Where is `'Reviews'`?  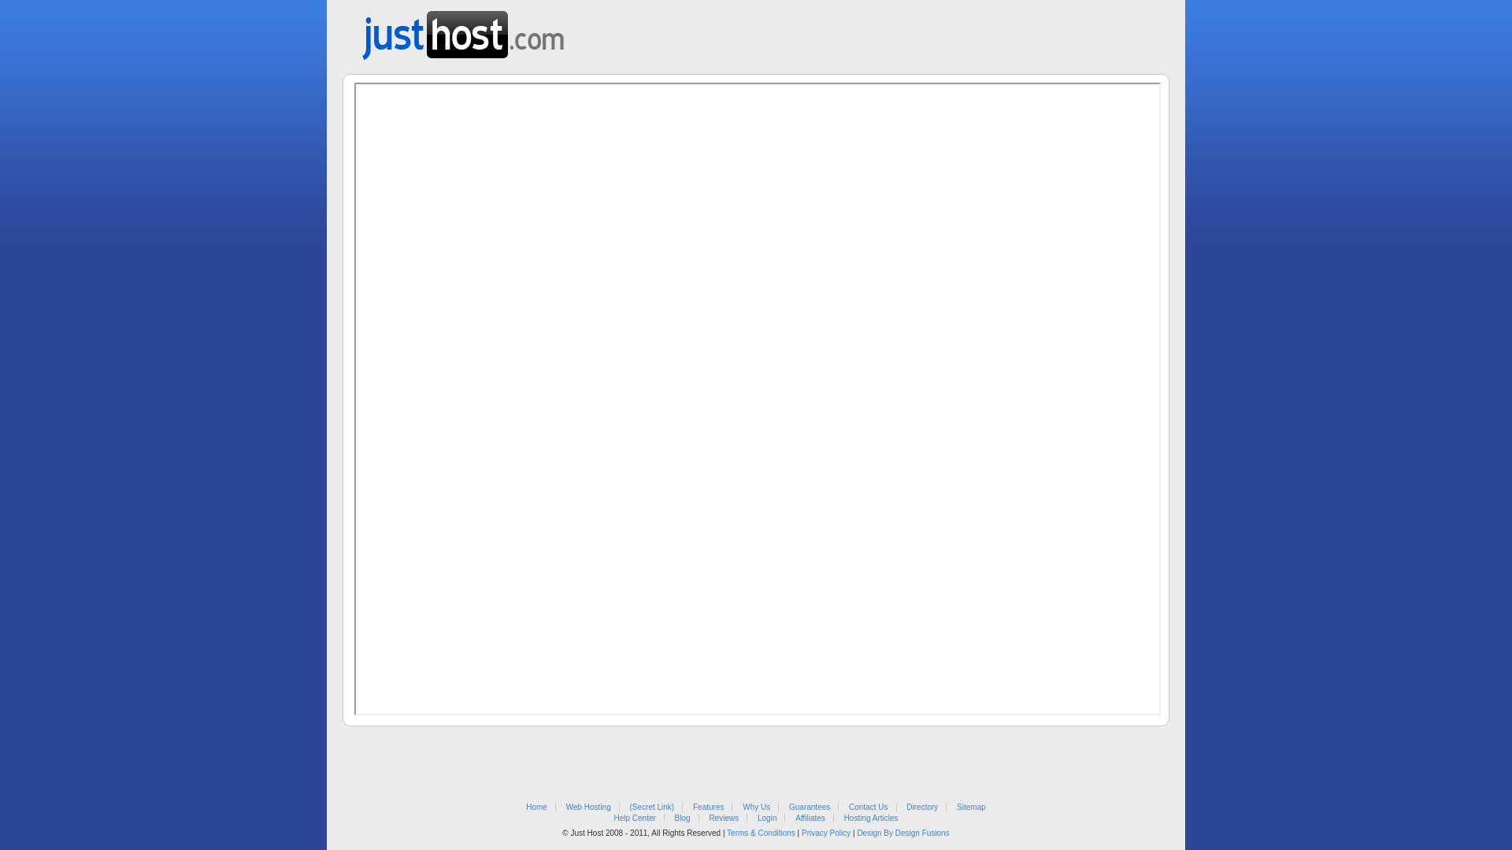
'Reviews' is located at coordinates (722, 817).